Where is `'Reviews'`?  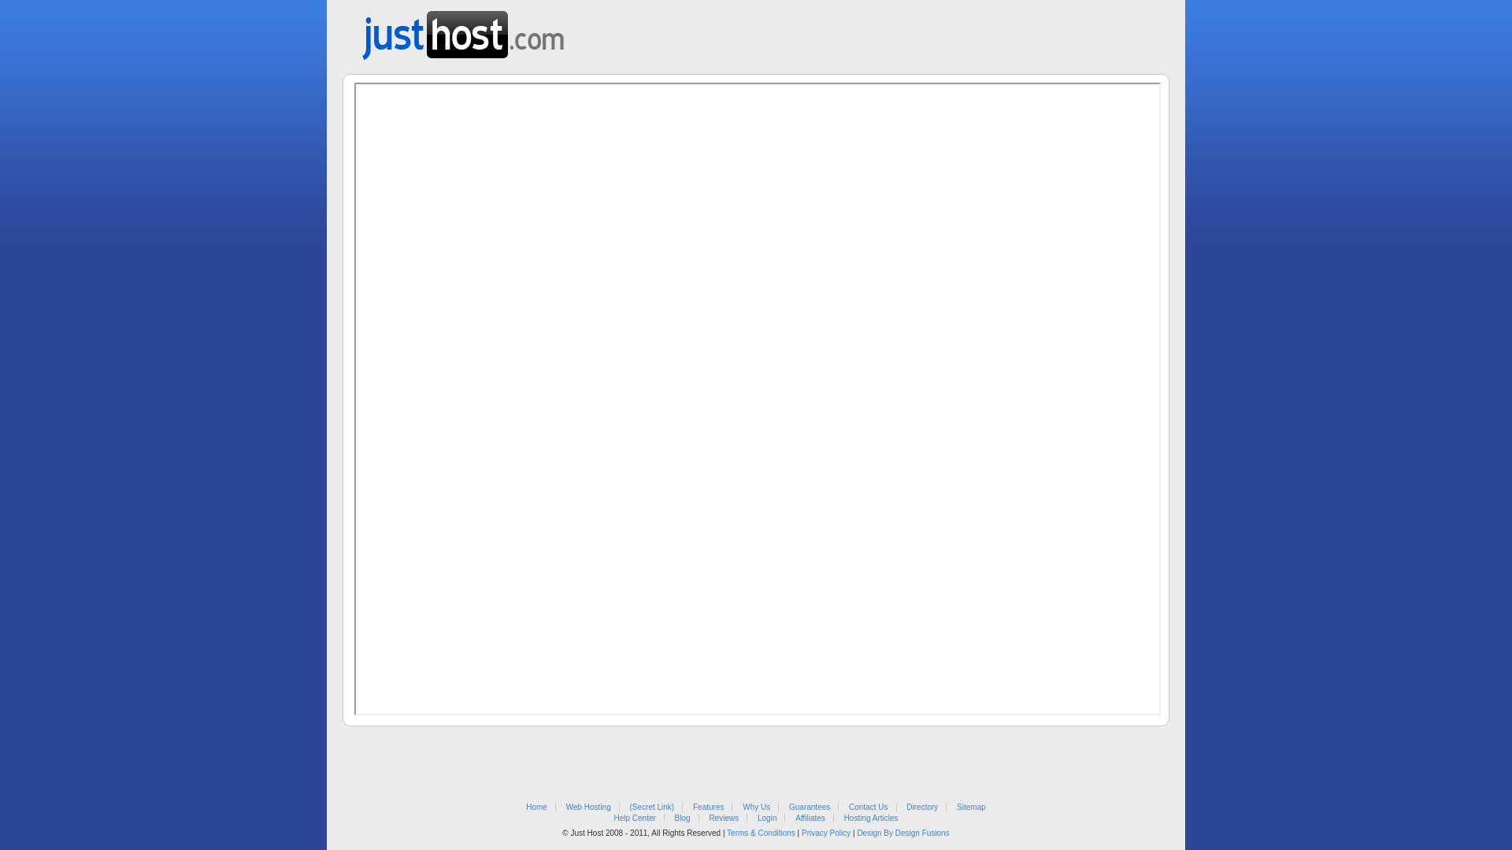
'Reviews' is located at coordinates (722, 817).